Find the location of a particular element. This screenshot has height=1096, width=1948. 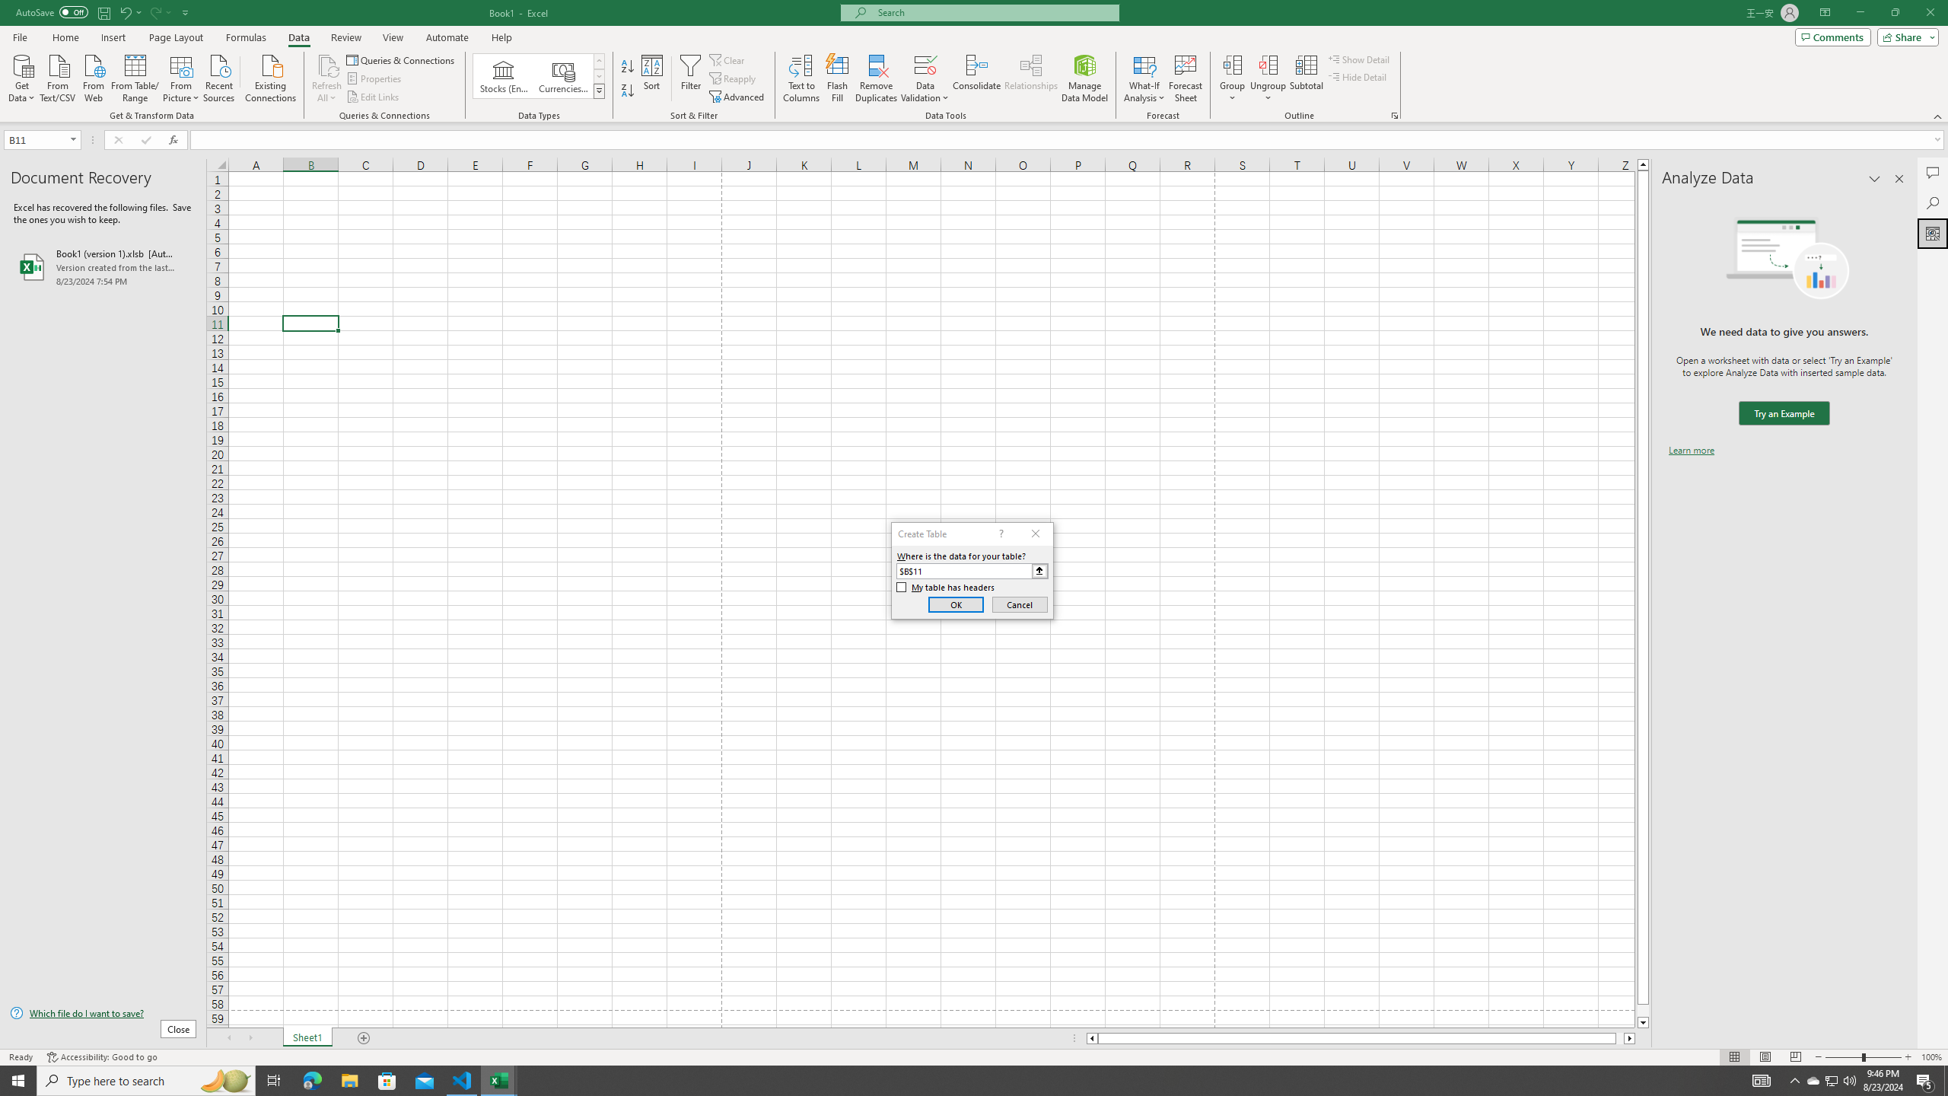

'Search' is located at coordinates (1932, 203).